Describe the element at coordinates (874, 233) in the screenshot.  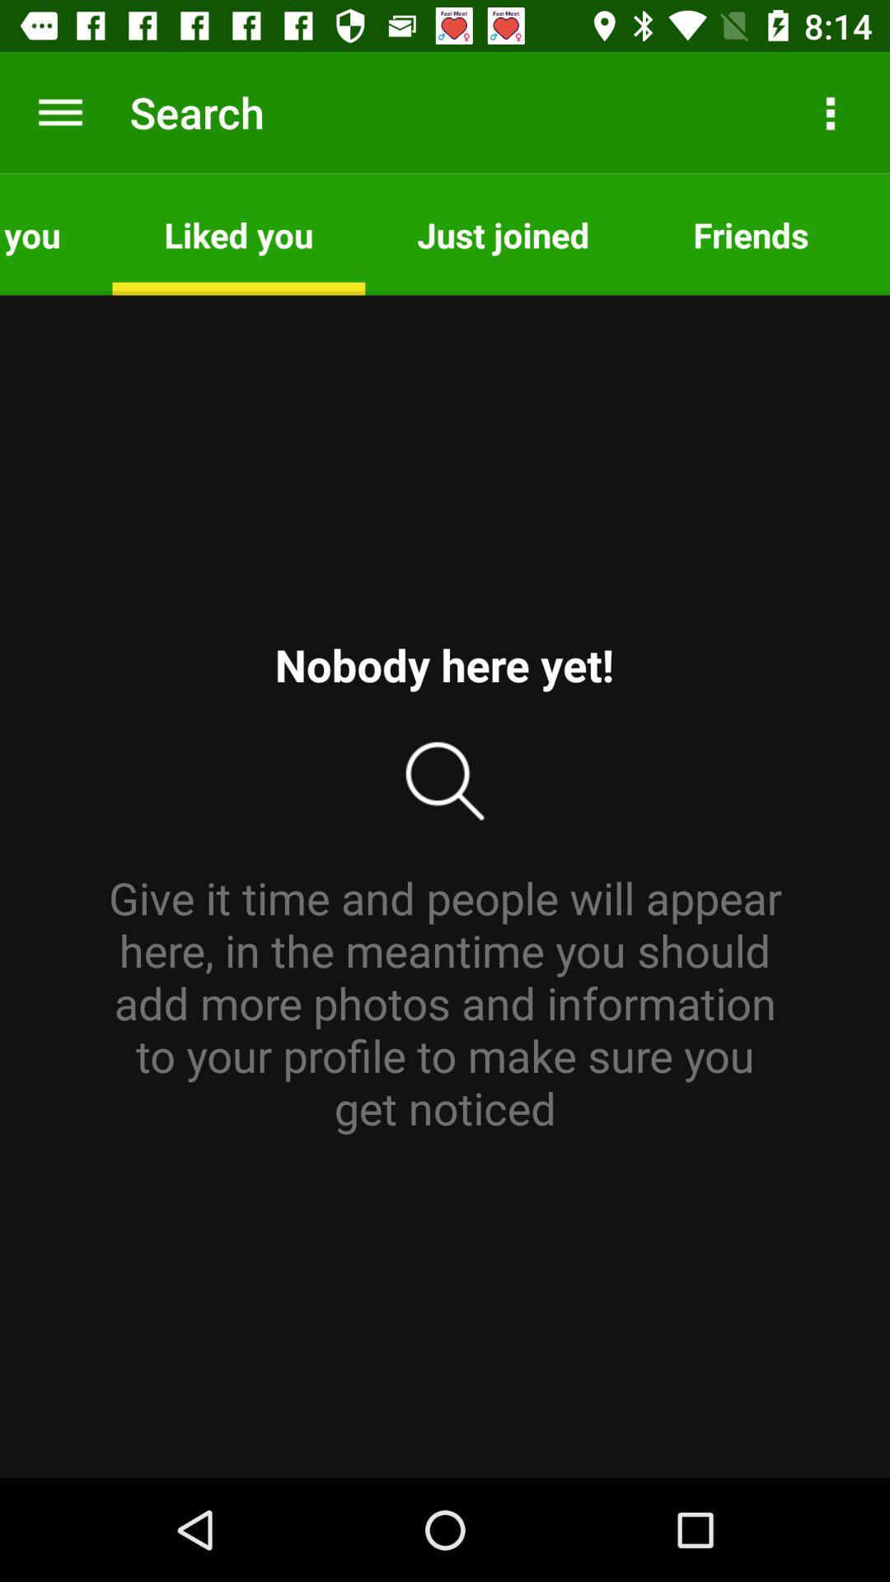
I see `the app next to friends item` at that location.